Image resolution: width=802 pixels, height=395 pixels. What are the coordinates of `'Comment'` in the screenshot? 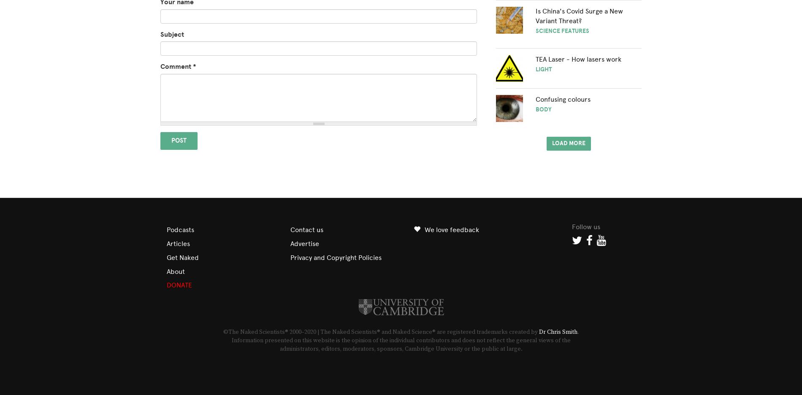 It's located at (176, 66).